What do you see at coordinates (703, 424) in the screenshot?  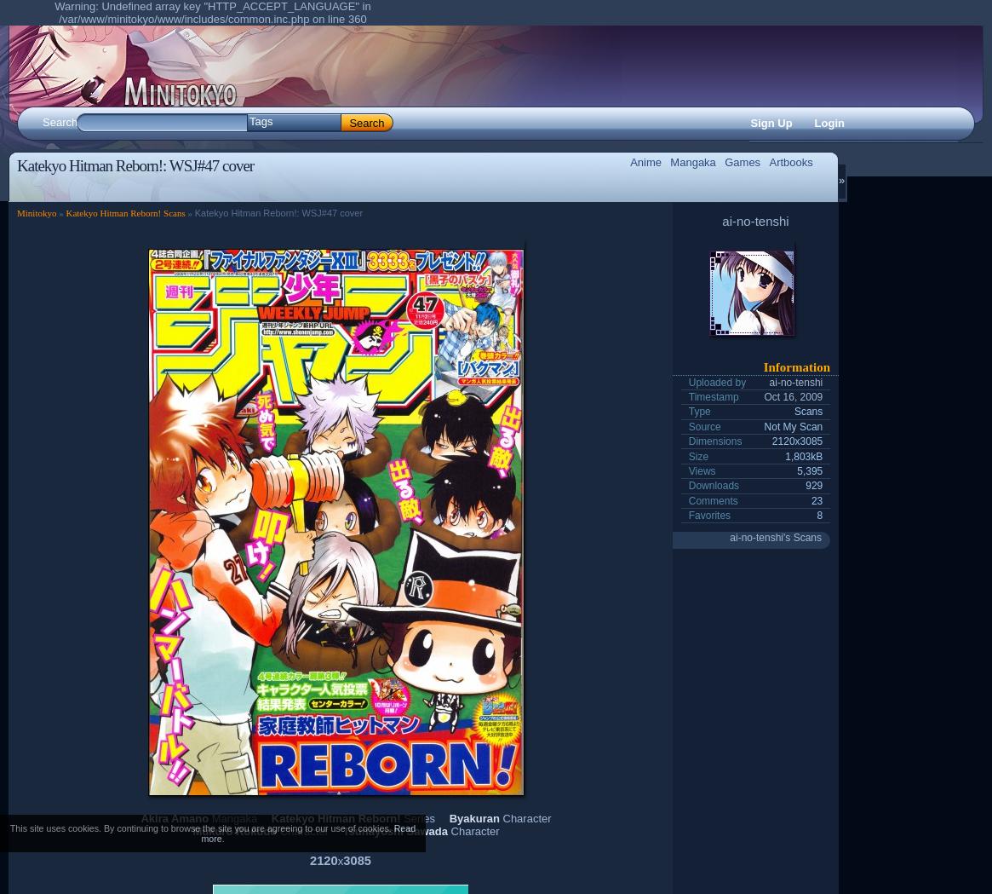 I see `'Source'` at bounding box center [703, 424].